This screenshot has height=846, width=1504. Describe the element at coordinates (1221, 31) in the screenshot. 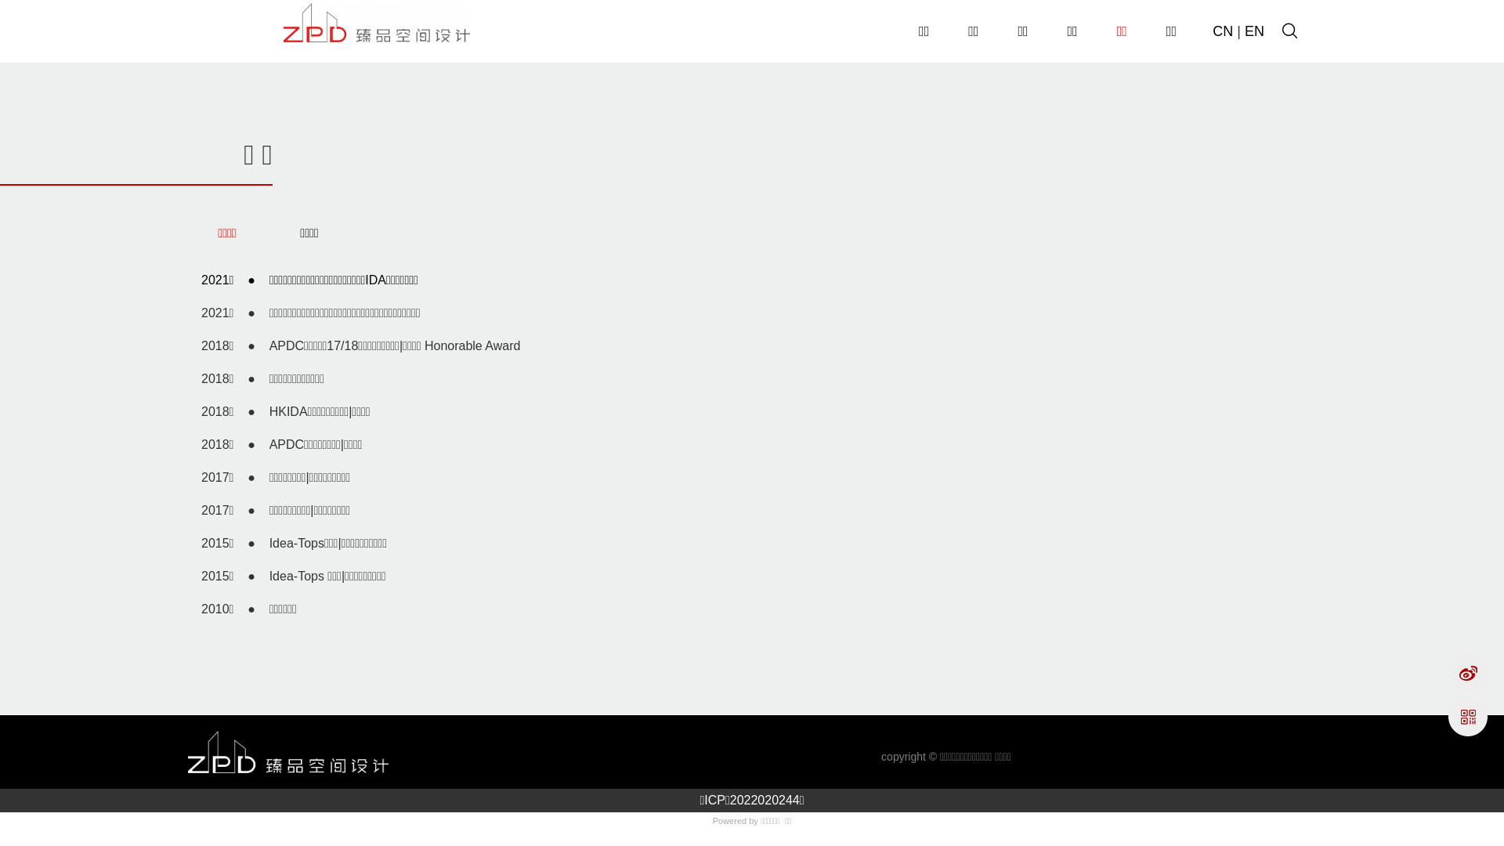

I see `'CN'` at that location.